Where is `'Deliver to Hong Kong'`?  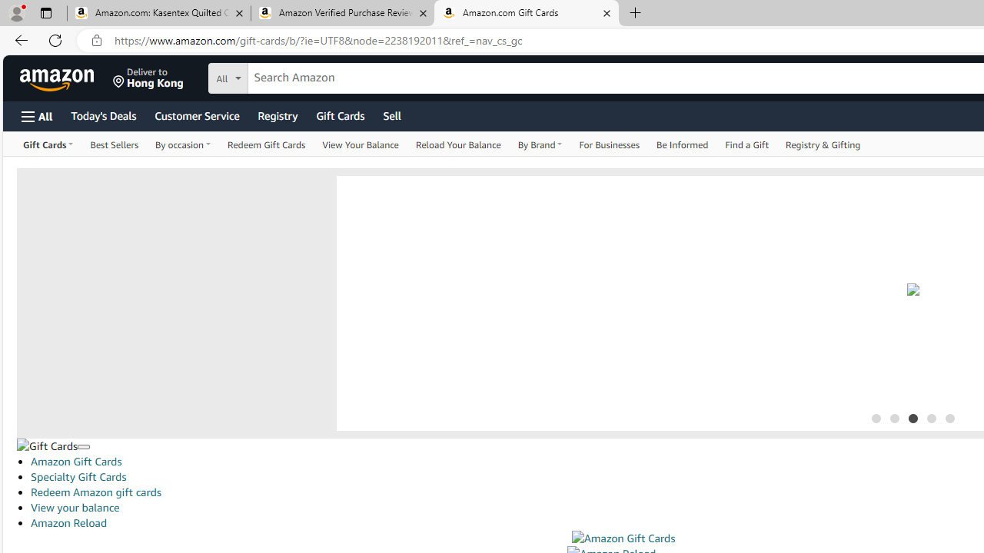 'Deliver to Hong Kong' is located at coordinates (148, 78).